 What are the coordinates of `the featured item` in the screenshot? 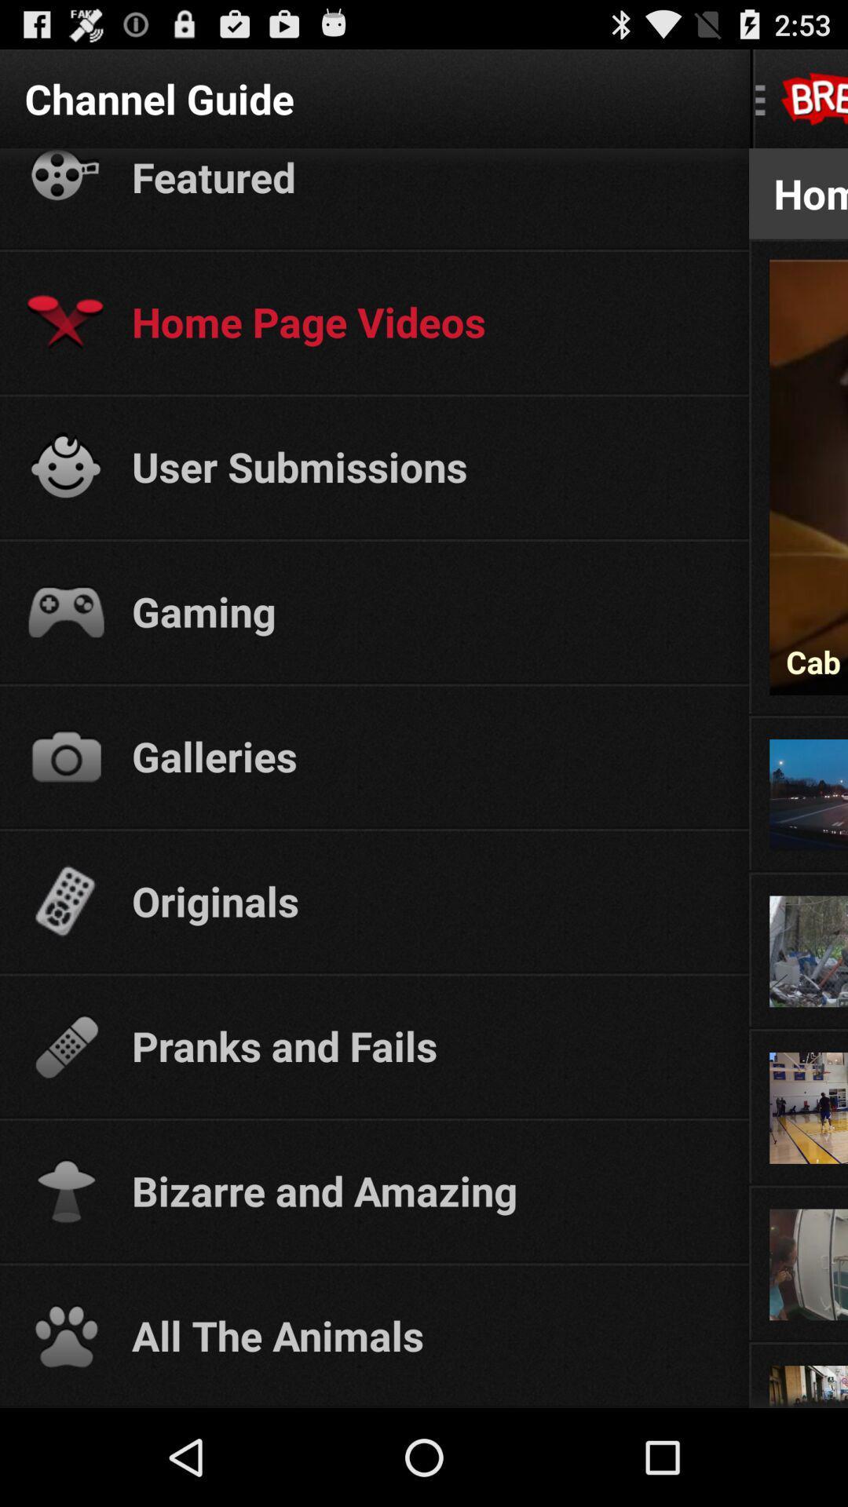 It's located at (426, 177).